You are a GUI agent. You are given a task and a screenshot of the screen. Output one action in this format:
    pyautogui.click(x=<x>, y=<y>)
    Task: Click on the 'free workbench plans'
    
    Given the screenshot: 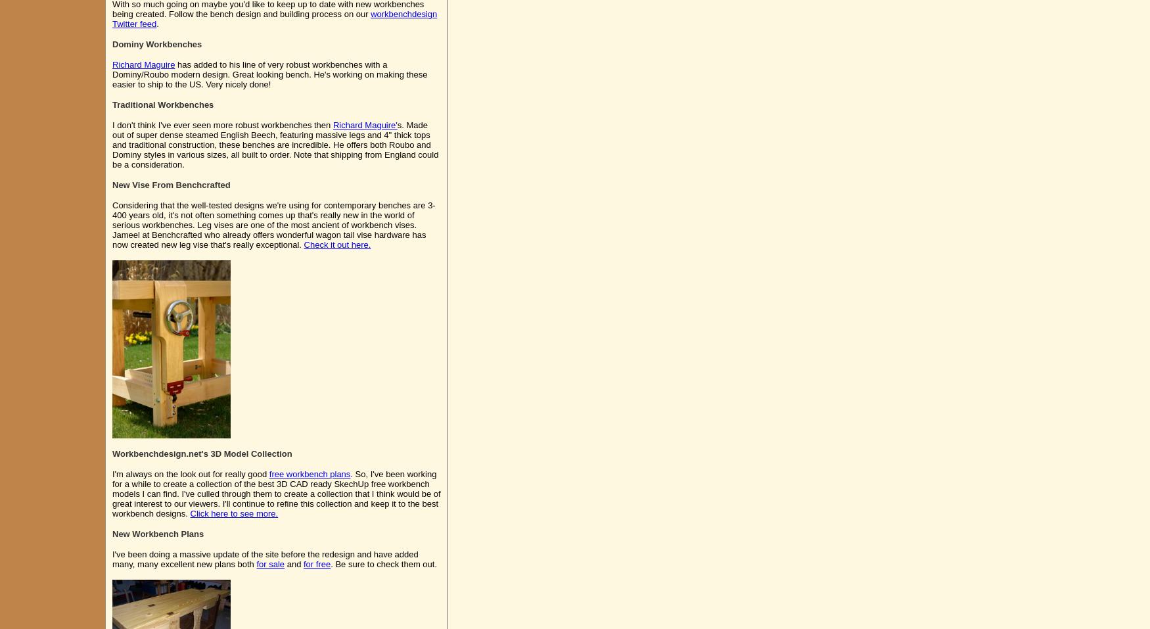 What is the action you would take?
    pyautogui.click(x=309, y=474)
    